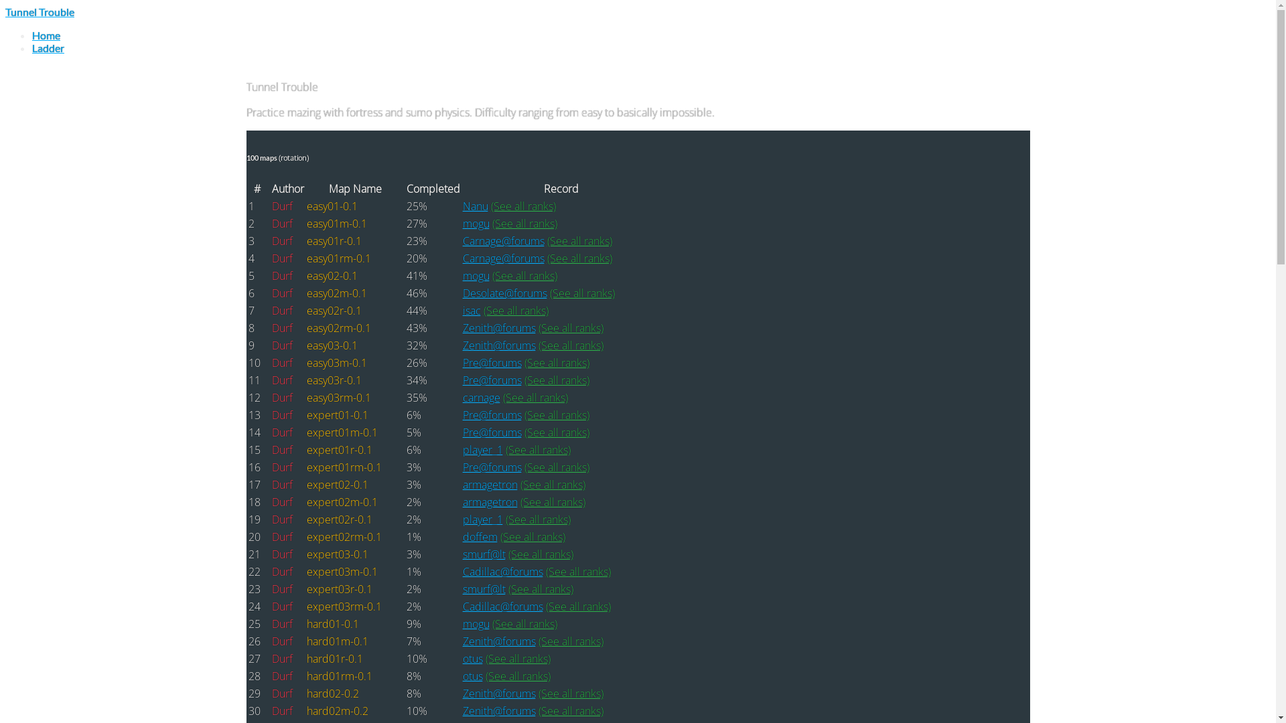 The width and height of the screenshot is (1286, 723). Describe the element at coordinates (344, 536) in the screenshot. I see `'expert02rm-0.1'` at that location.